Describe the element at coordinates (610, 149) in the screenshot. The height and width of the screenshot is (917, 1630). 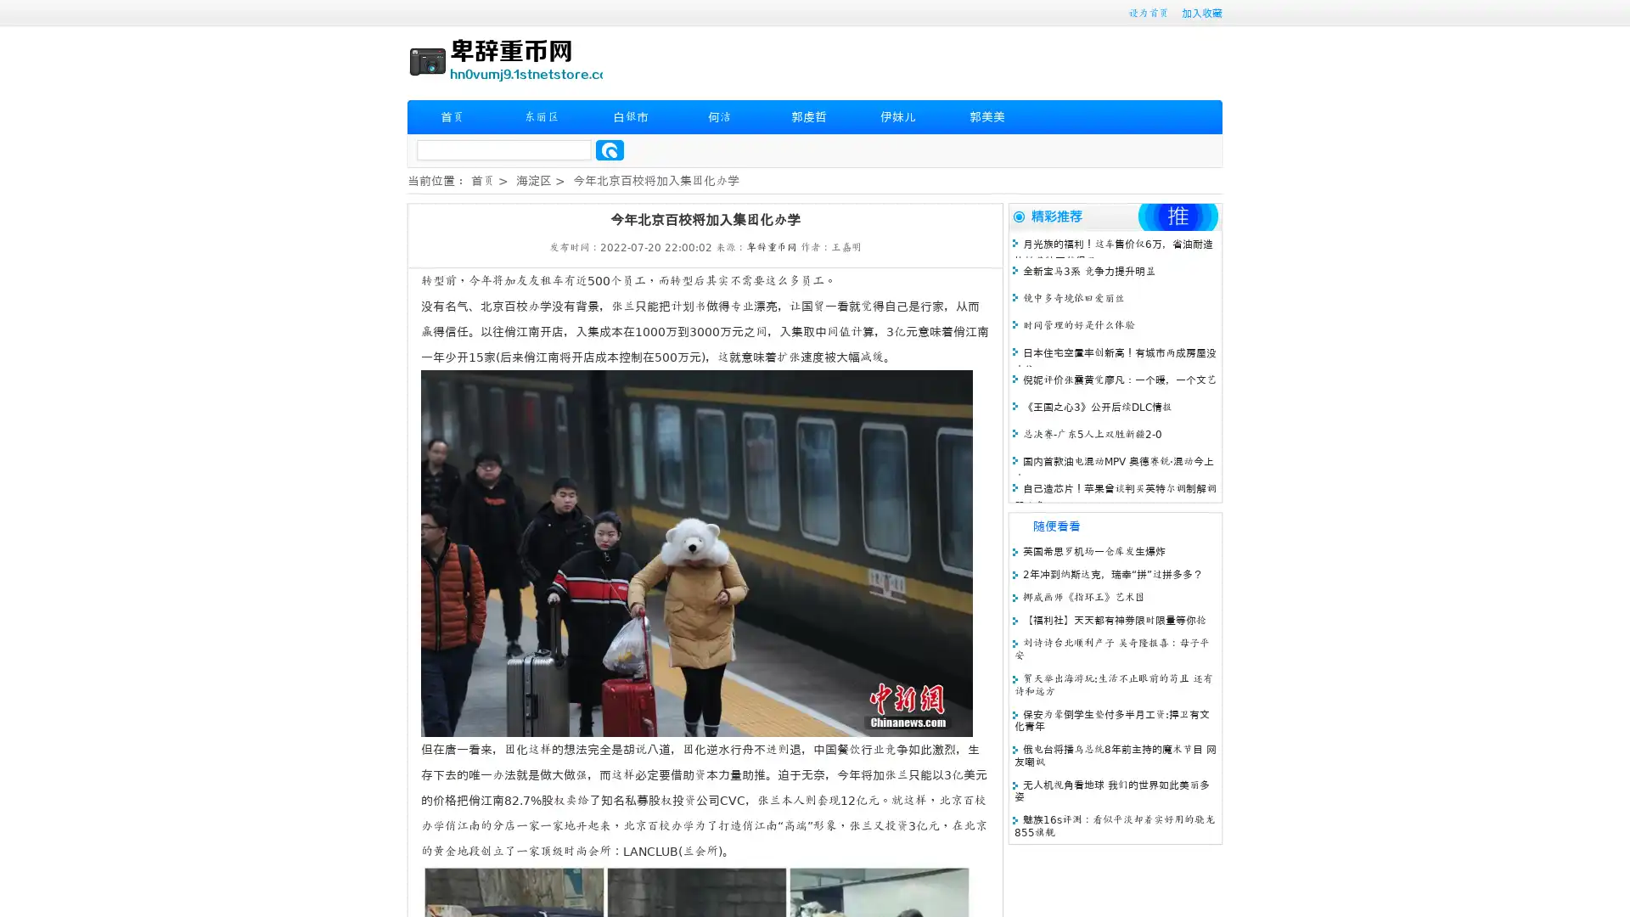
I see `Search` at that location.